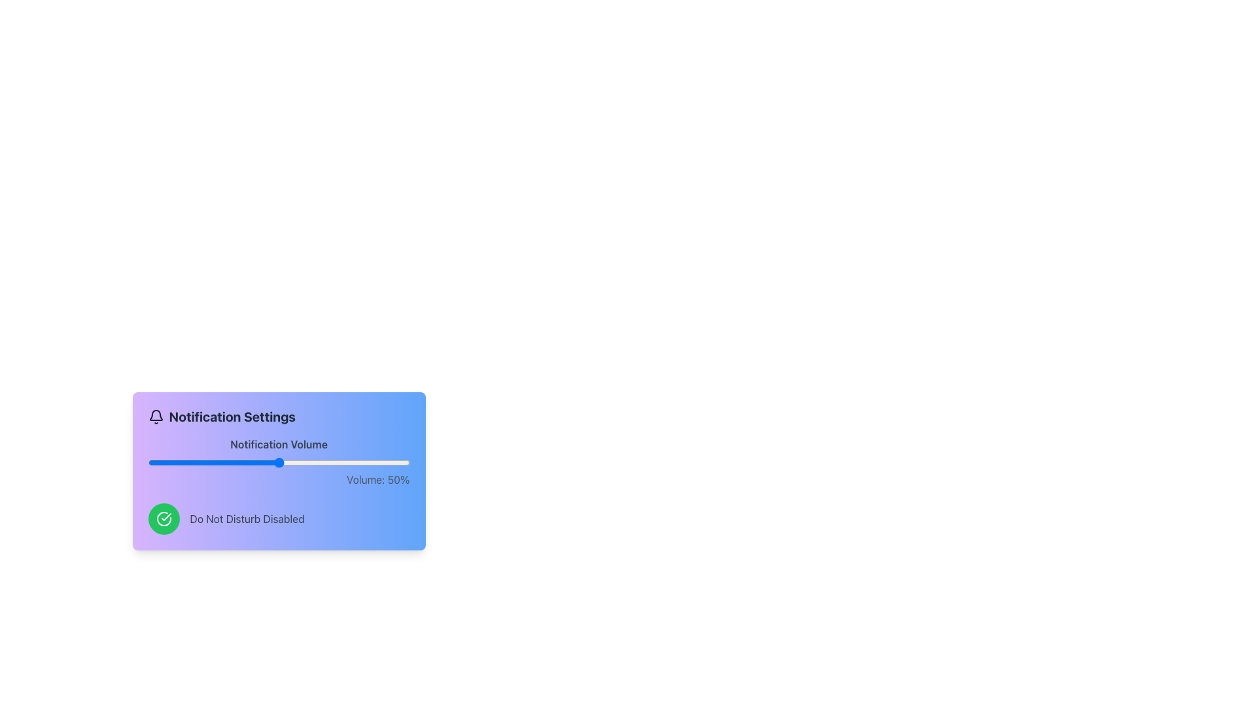 The height and width of the screenshot is (706, 1256). I want to click on notification volume, so click(262, 462).